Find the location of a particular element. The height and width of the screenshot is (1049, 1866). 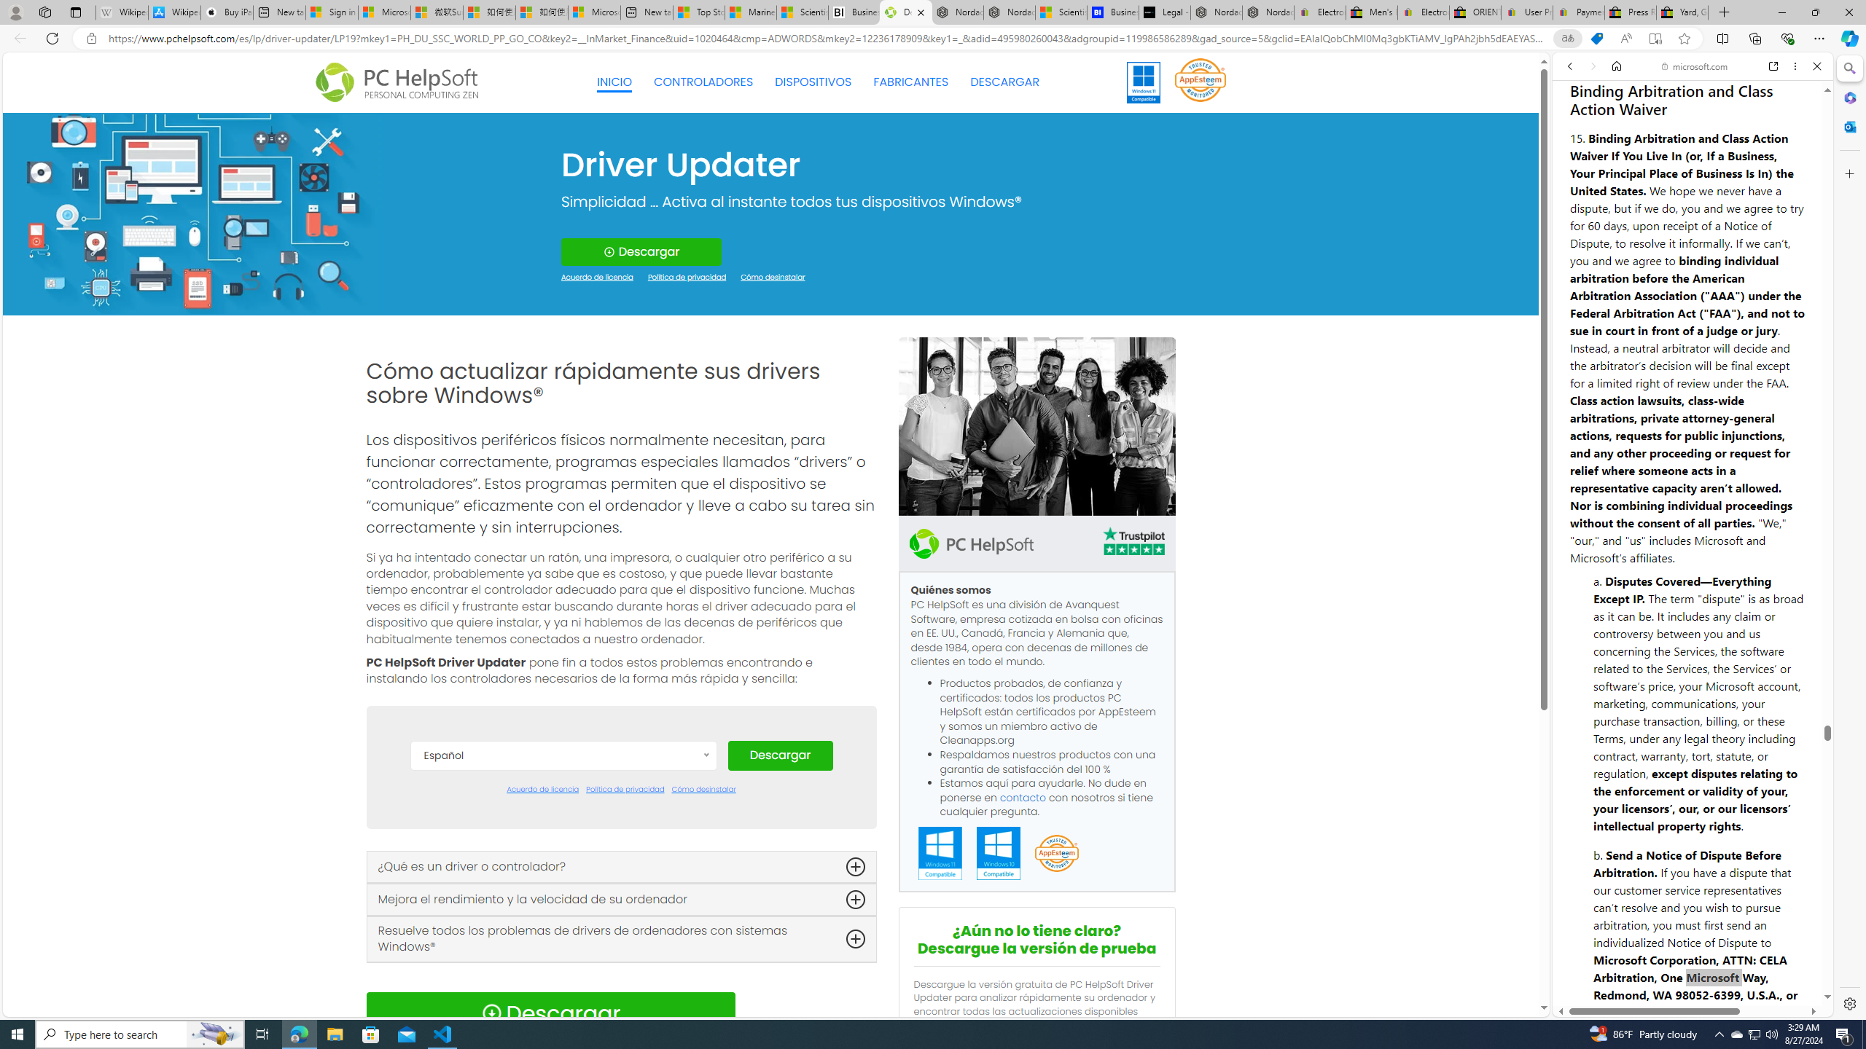

'Descargar' is located at coordinates (779, 755).